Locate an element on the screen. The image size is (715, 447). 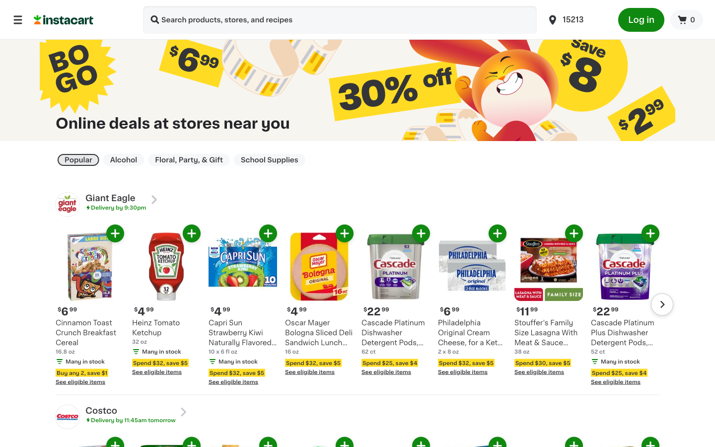
Get  all eligible items for discount offer with Cinnamon Toast Breakfast is located at coordinates (104, 388).